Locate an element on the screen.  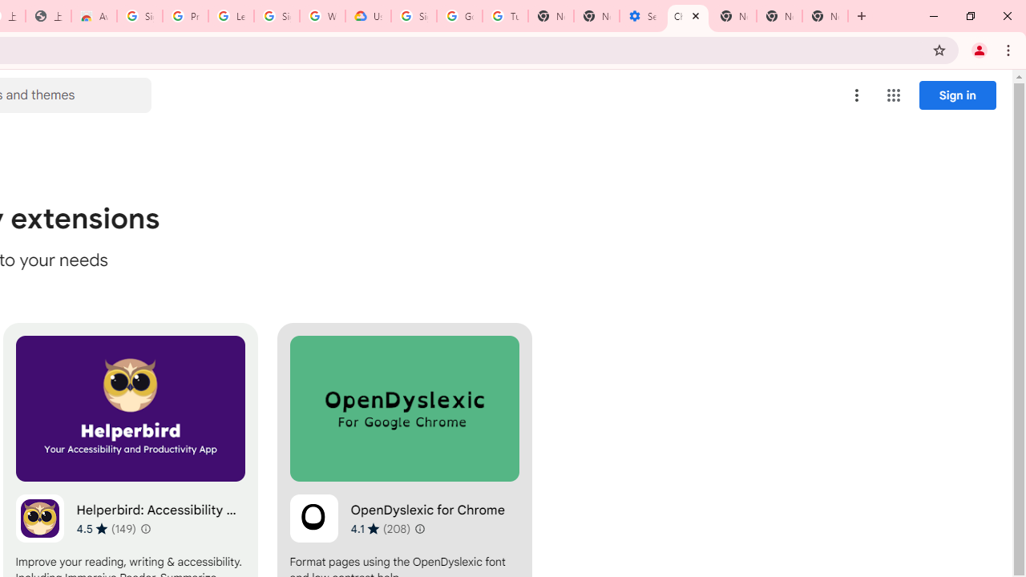
'Turn cookies on or off - Computer - Google Account Help' is located at coordinates (504, 16).